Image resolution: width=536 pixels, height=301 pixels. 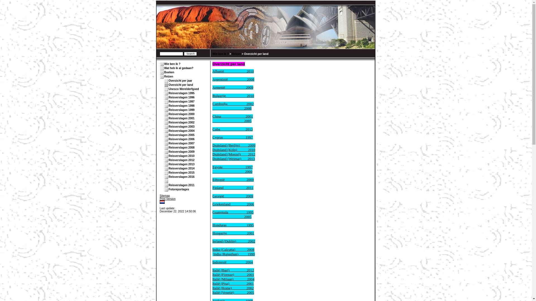 I want to click on 'Duitsland (Moezel)        2012', so click(x=234, y=154).